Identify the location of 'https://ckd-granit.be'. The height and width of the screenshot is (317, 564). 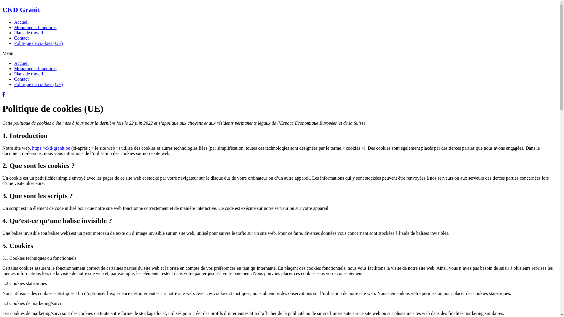
(51, 148).